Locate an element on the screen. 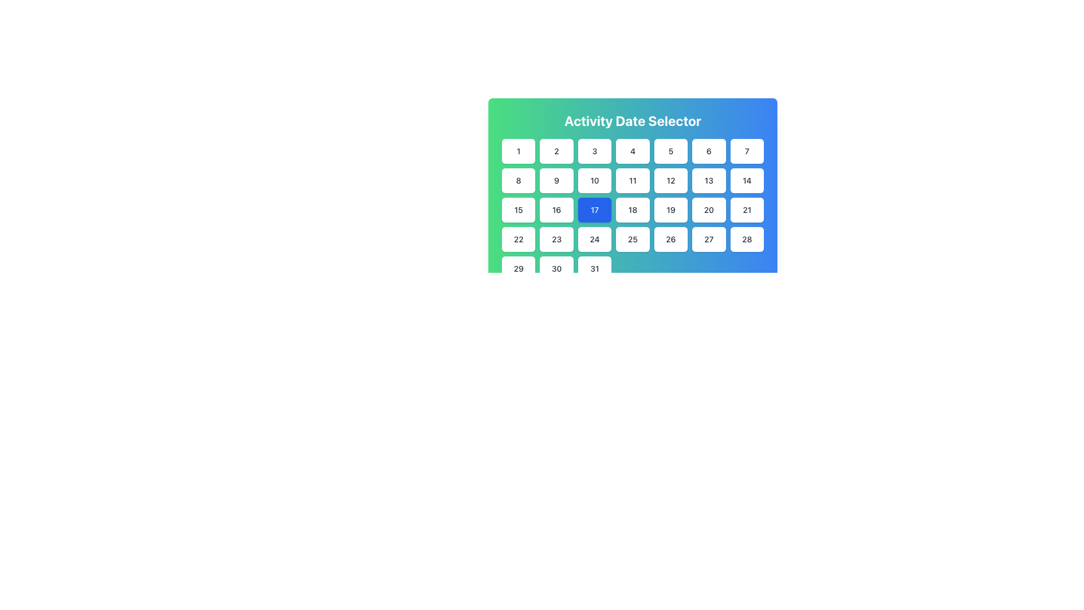 The height and width of the screenshot is (610, 1084). the button displaying the number '1' in a bold font, located is located at coordinates (518, 150).